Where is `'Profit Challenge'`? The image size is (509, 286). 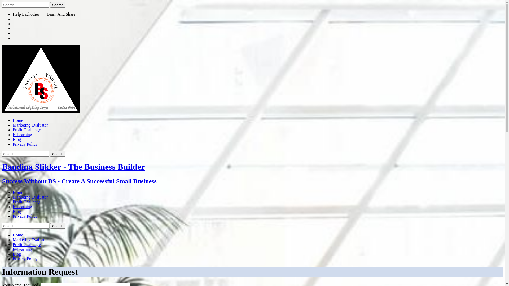
'Profit Challenge' is located at coordinates (26, 244).